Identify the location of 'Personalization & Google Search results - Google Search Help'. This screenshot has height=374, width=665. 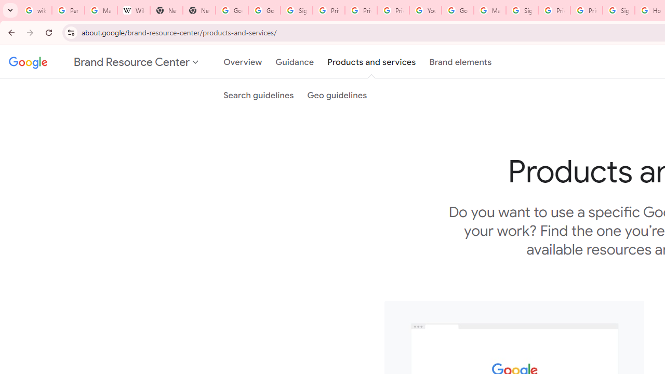
(68, 10).